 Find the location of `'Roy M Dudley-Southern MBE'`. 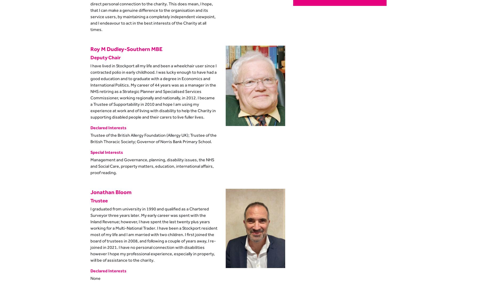

'Roy M Dudley-Southern MBE' is located at coordinates (126, 48).